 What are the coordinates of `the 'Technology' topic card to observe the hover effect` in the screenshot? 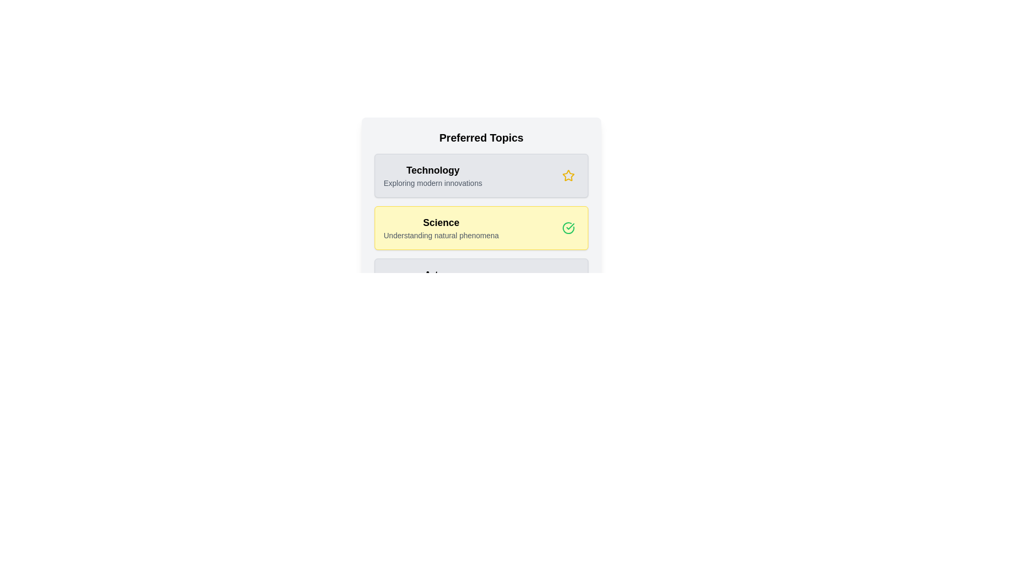 It's located at (433, 175).